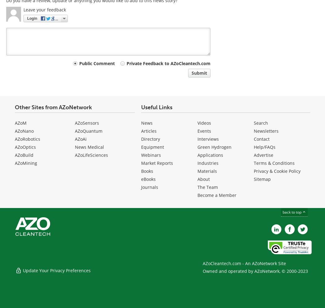  What do you see at coordinates (253, 163) in the screenshot?
I see `'Terms & Conditions'` at bounding box center [253, 163].